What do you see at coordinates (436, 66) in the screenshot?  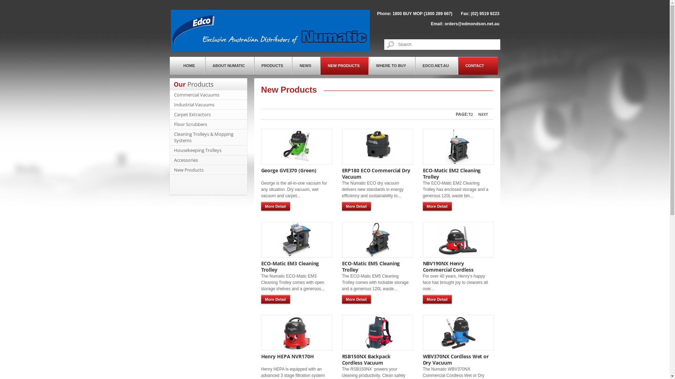 I see `'EDCO.NET.AU'` at bounding box center [436, 66].